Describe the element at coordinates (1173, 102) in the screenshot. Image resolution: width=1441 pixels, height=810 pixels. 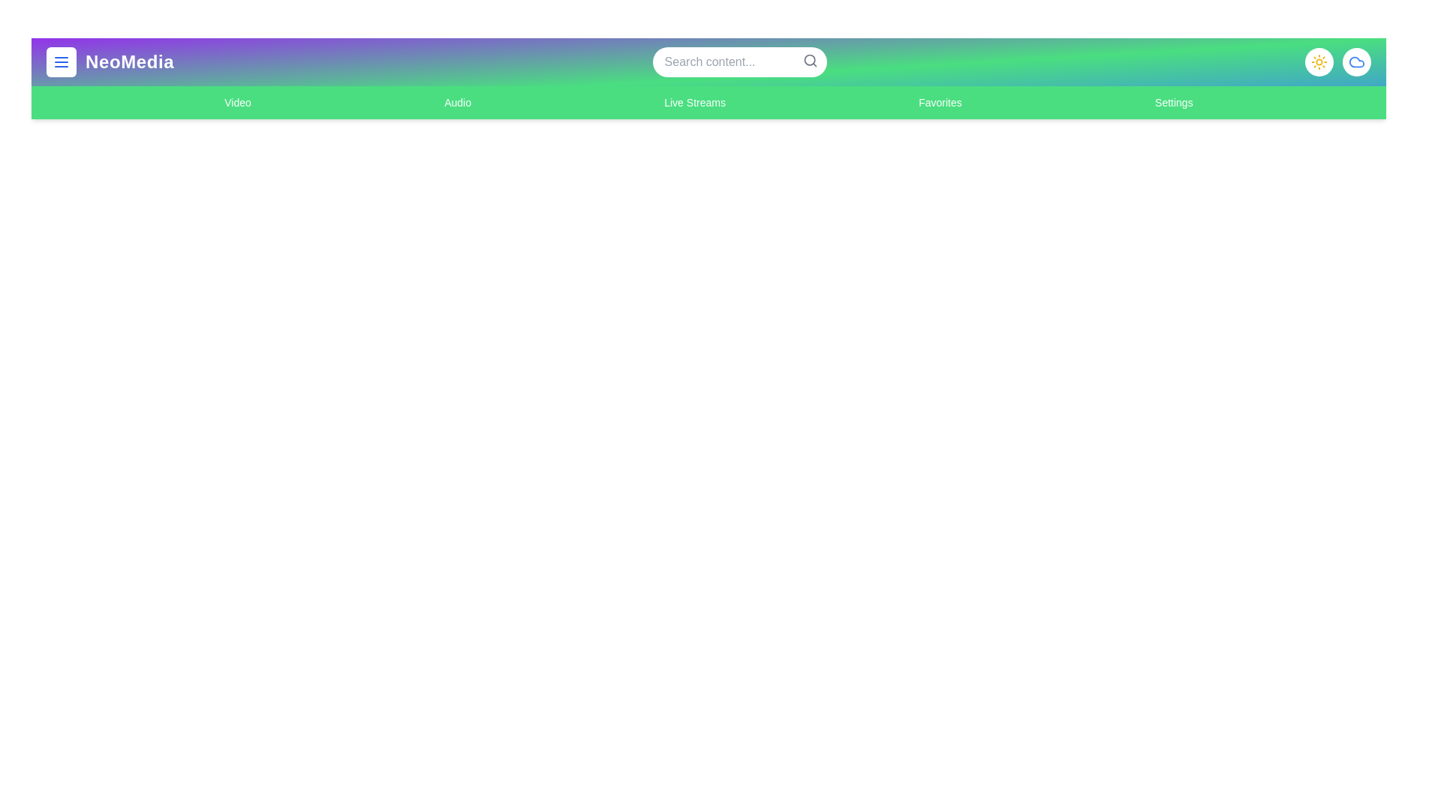
I see `the navigation link for Settings to switch to that section` at that location.